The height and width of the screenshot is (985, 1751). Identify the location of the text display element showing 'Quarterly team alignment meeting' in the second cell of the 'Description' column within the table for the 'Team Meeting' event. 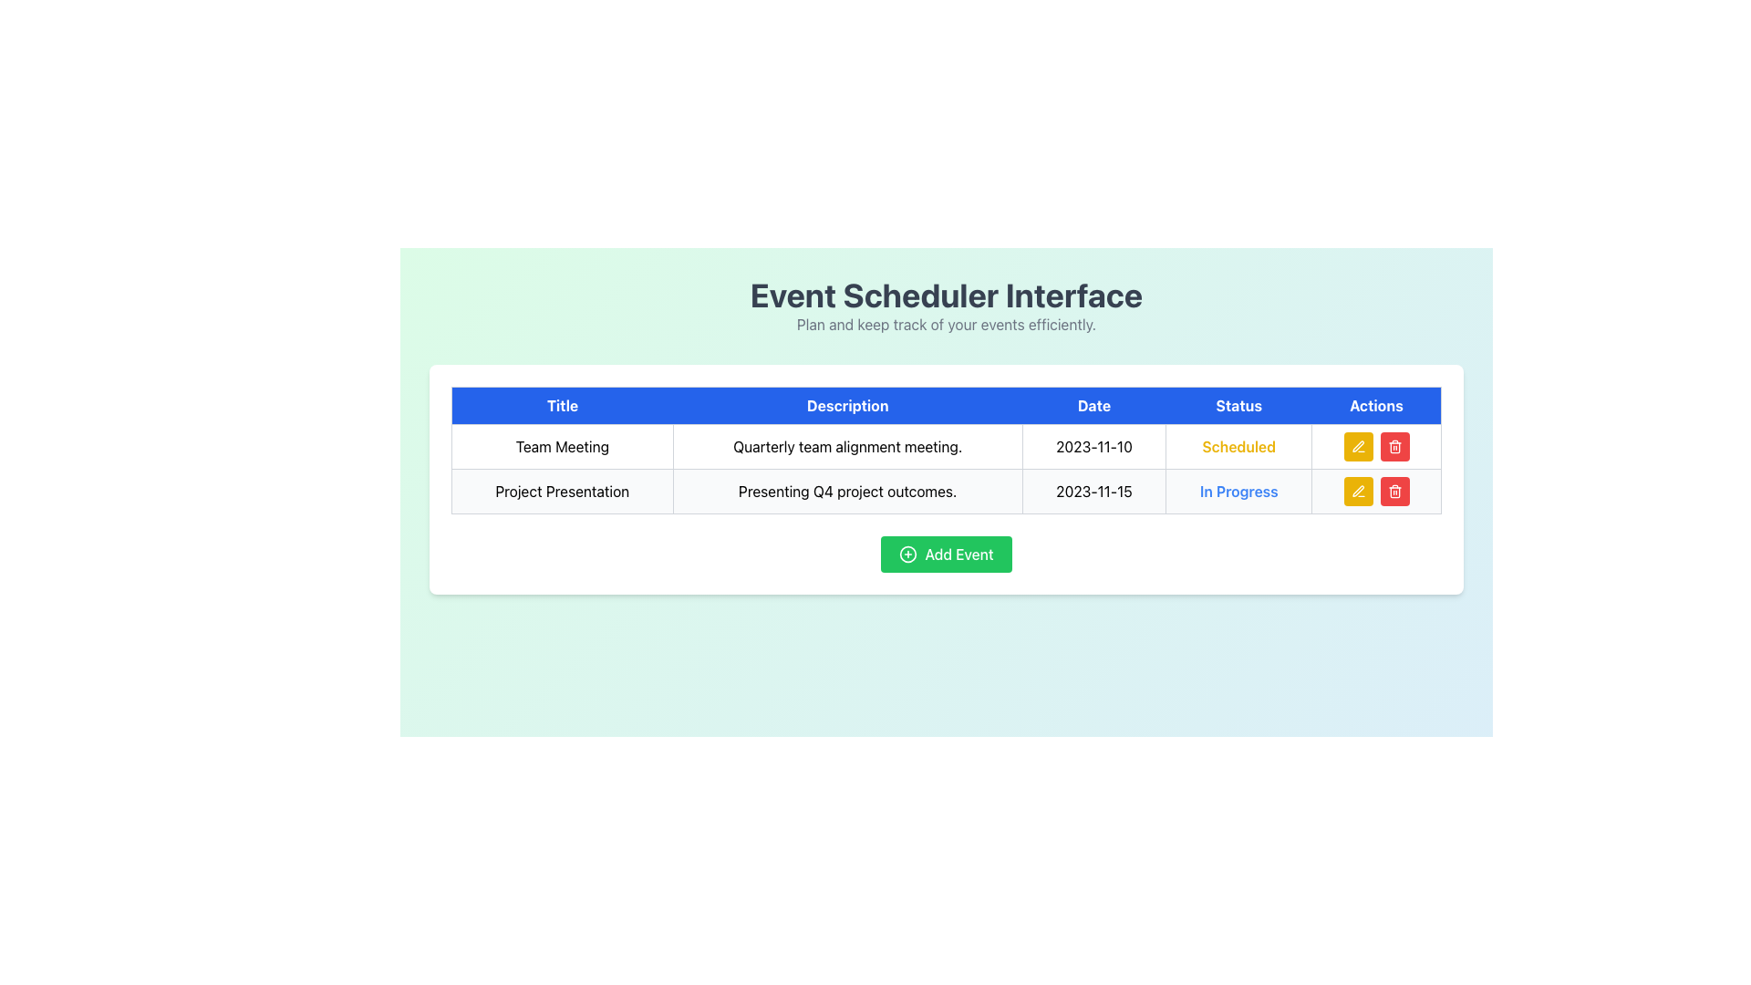
(846, 446).